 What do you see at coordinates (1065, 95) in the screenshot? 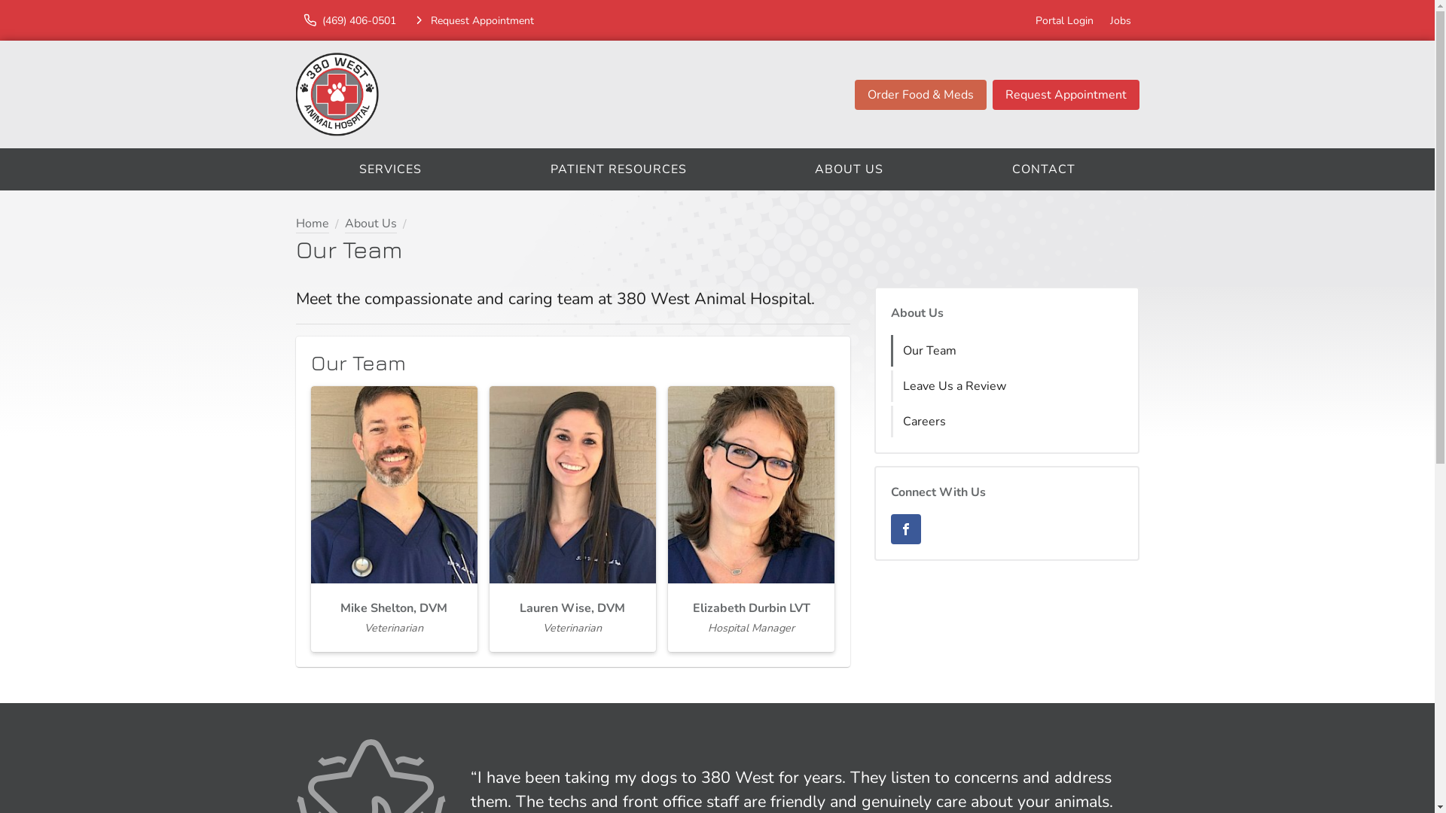
I see `'Request Appointment'` at bounding box center [1065, 95].